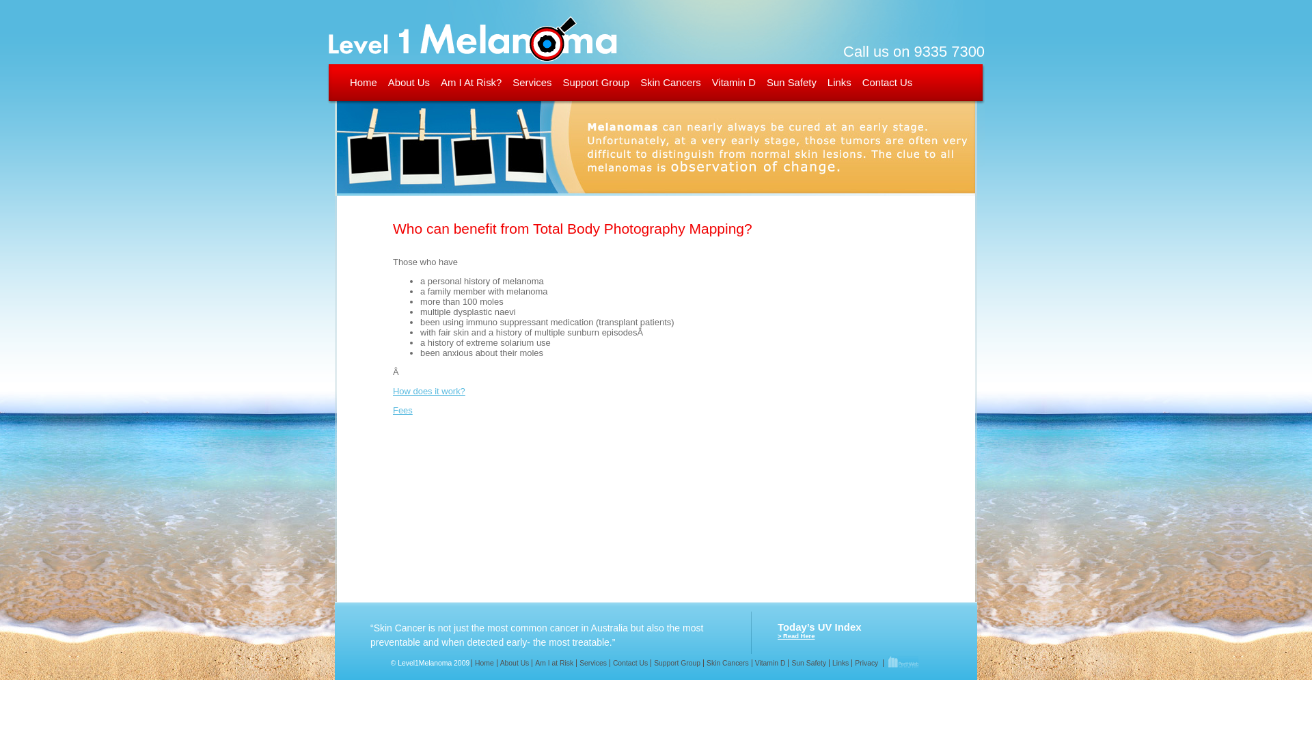  I want to click on 'Vitamin D', so click(750, 662).